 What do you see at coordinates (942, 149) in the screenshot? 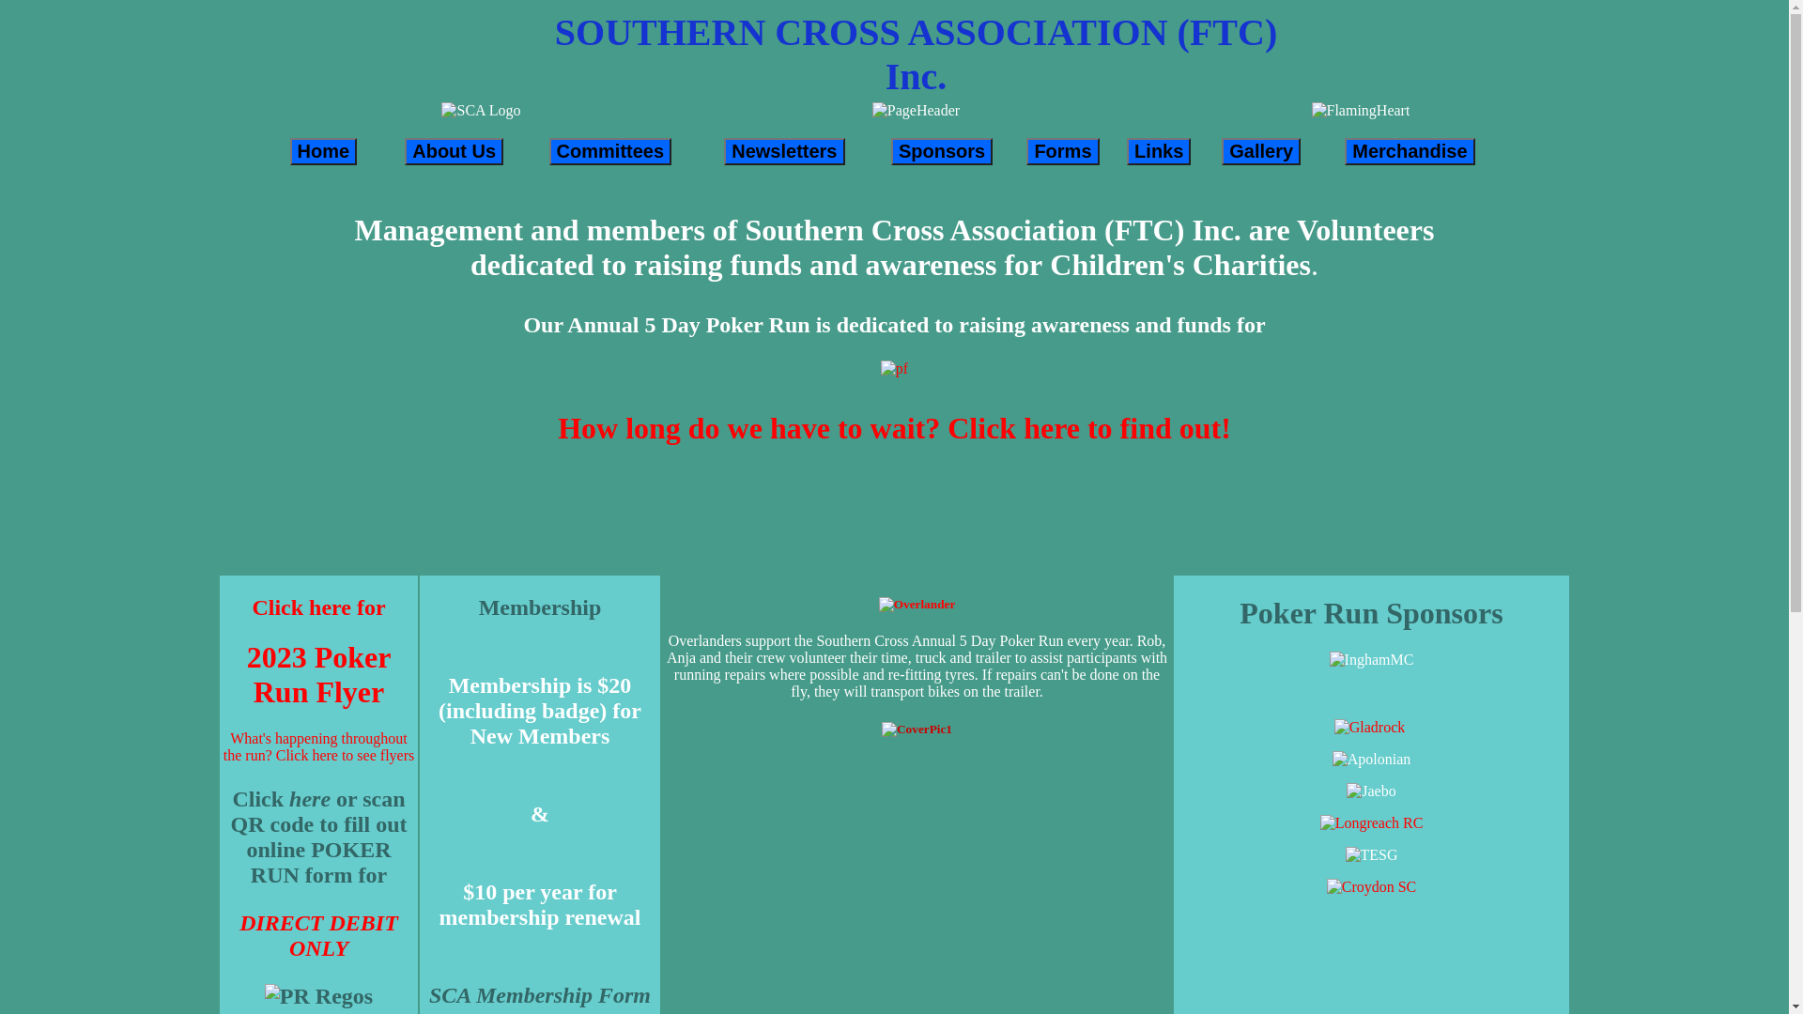
I see `'Sponsors'` at bounding box center [942, 149].